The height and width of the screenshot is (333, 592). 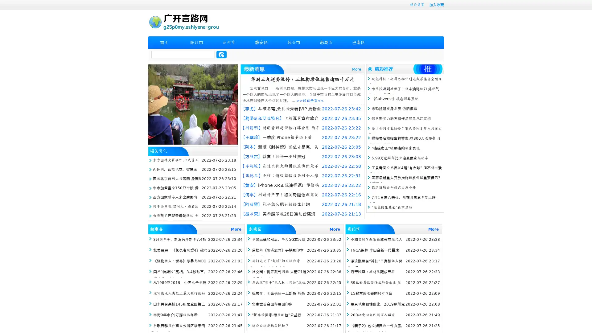 I want to click on Search, so click(x=221, y=54).